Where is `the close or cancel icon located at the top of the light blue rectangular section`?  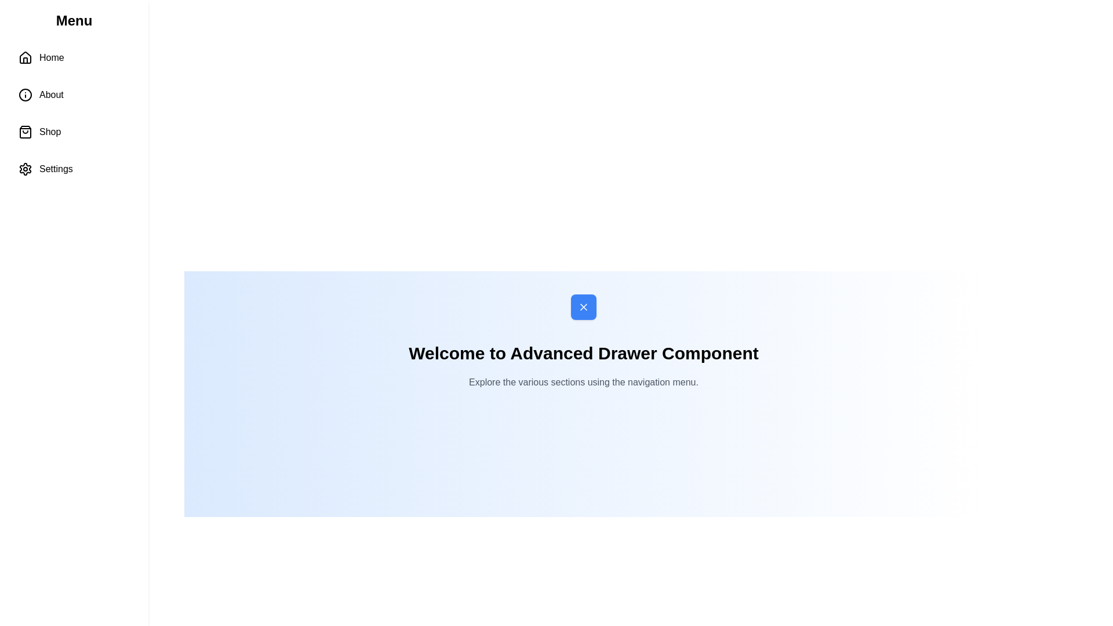
the close or cancel icon located at the top of the light blue rectangular section is located at coordinates (584, 306).